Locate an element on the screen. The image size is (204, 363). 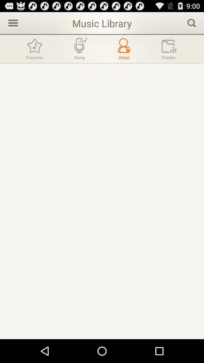
music folder is located at coordinates (169, 48).